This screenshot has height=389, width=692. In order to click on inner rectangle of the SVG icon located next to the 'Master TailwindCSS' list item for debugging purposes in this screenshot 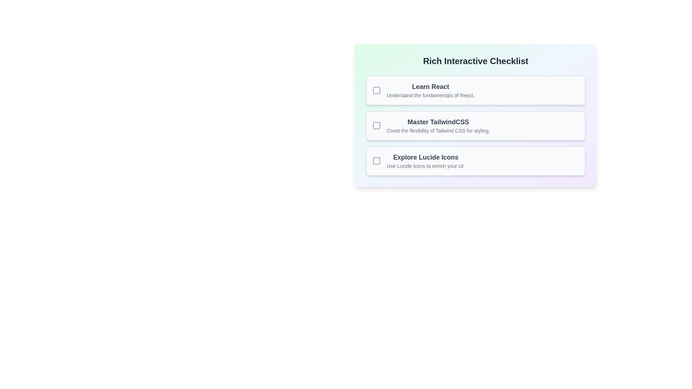, I will do `click(376, 125)`.